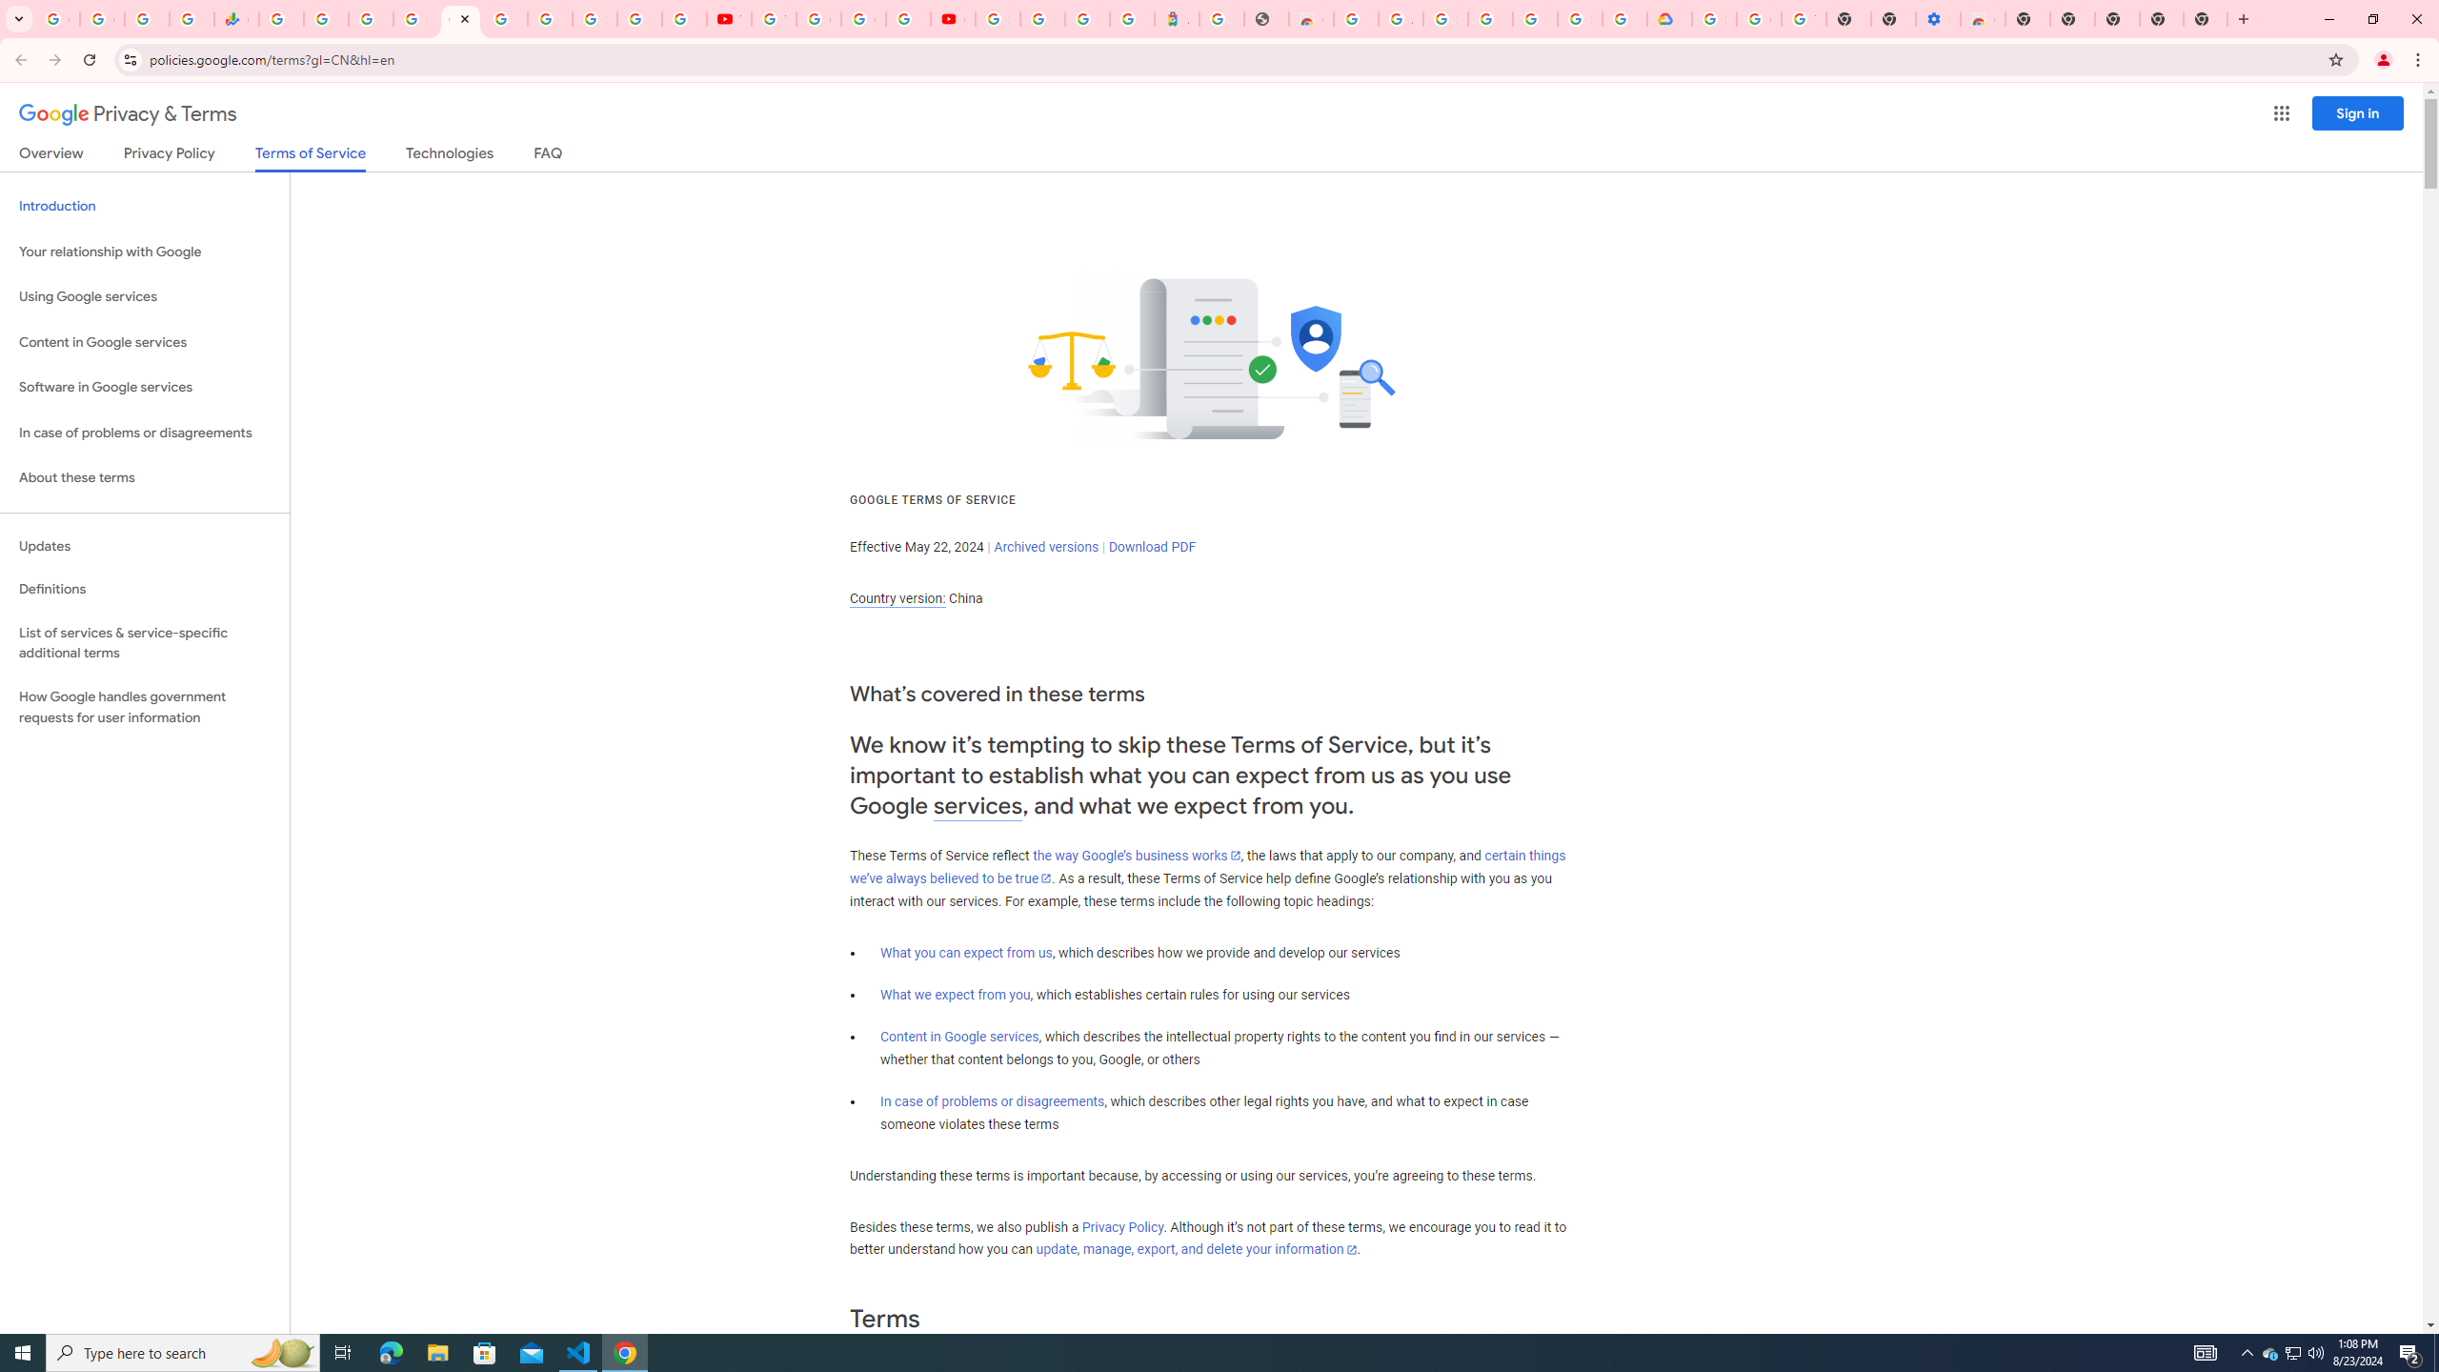 The image size is (2439, 1372). What do you see at coordinates (415, 18) in the screenshot?
I see `'Sign in - Google Accounts'` at bounding box center [415, 18].